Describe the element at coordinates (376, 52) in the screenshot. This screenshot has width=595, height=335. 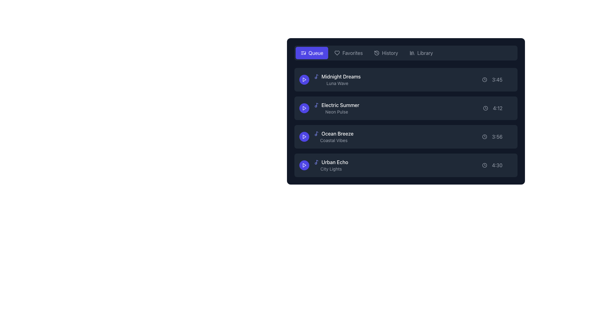
I see `the circular arrow icon representing the 'History' action, located in the top navigation bar to the left of the 'History' text label` at that location.